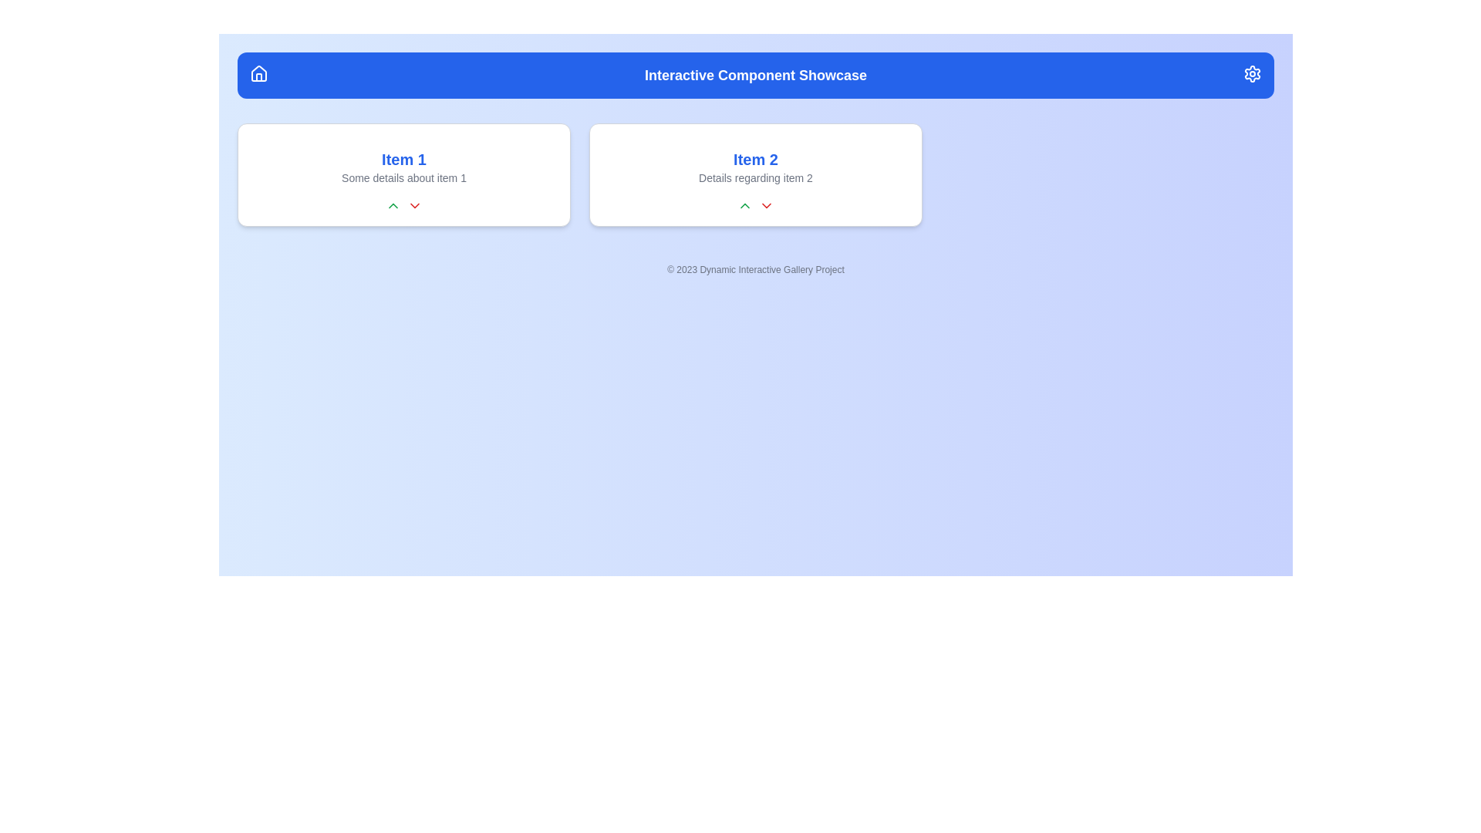  Describe the element at coordinates (755, 75) in the screenshot. I see `the text label located in the top navigation bar, which serves as a header or title, positioned between the home icon on the left and the settings icon on the right` at that location.